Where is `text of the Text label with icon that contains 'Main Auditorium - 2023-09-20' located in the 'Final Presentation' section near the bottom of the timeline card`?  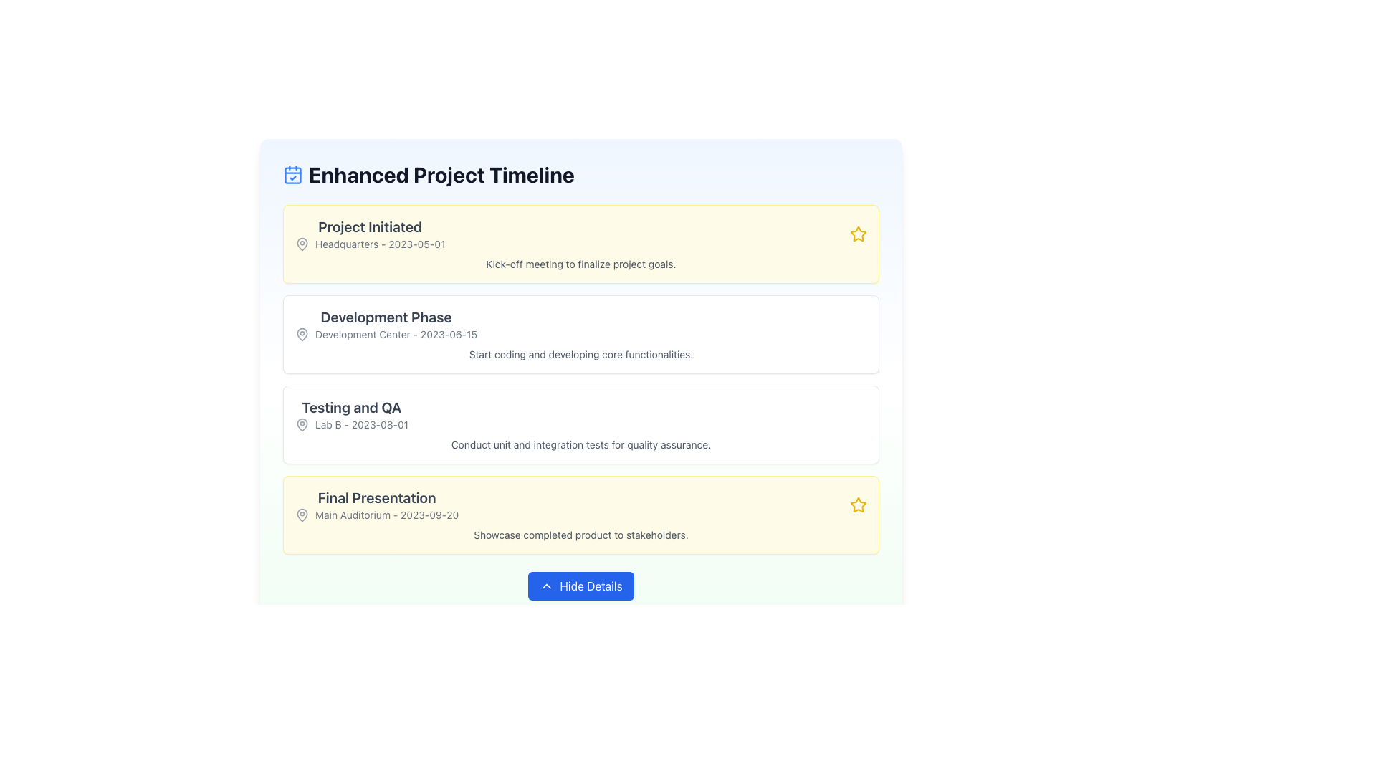 text of the Text label with icon that contains 'Main Auditorium - 2023-09-20' located in the 'Final Presentation' section near the bottom of the timeline card is located at coordinates (377, 514).